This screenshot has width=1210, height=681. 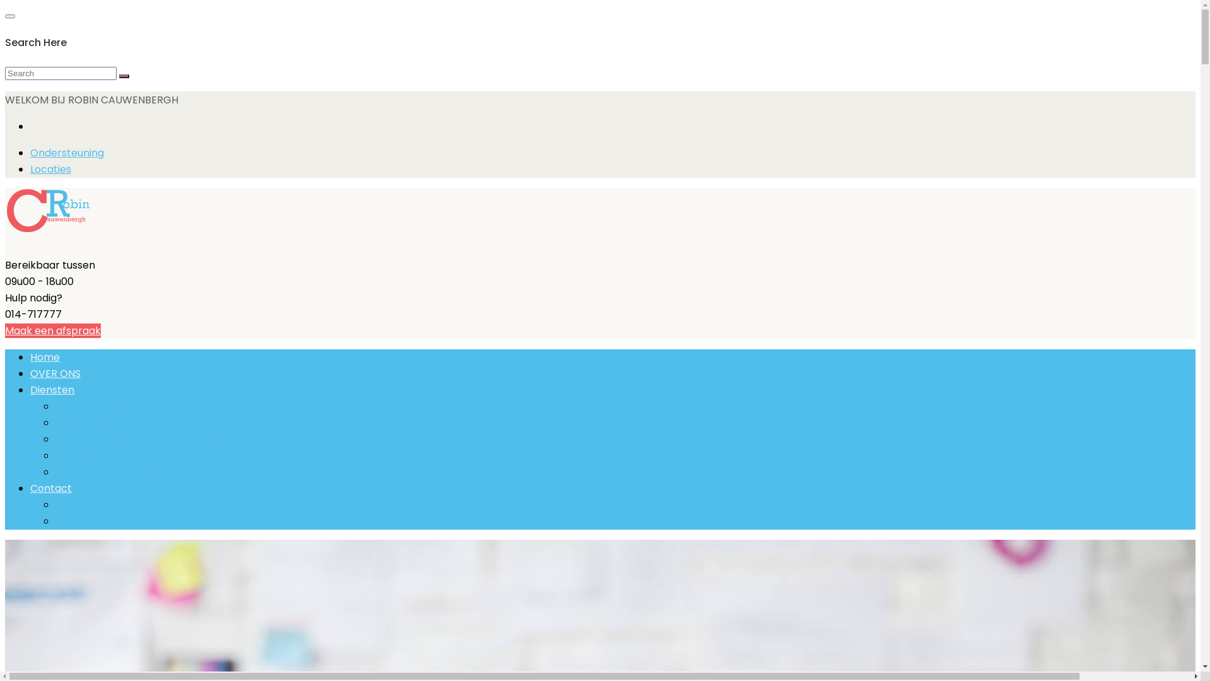 I want to click on 'Maak een afspraak', so click(x=52, y=330).